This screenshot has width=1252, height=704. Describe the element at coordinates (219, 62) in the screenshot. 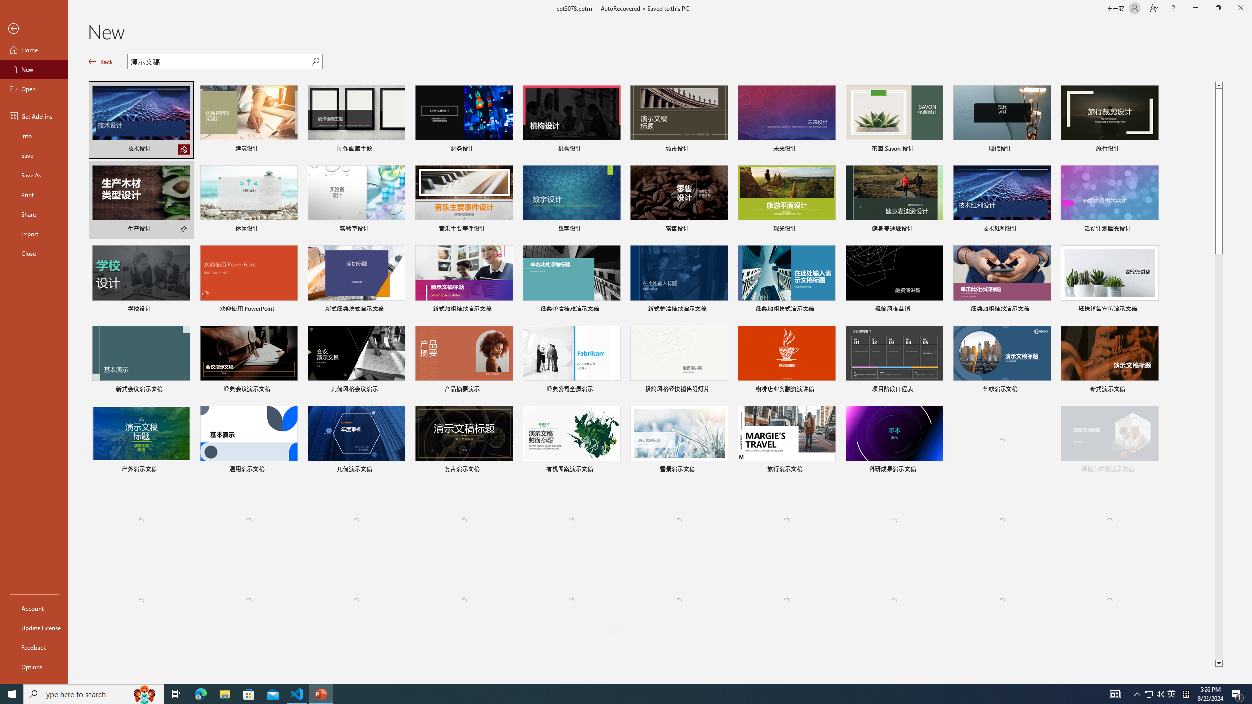

I see `'Search for online templates and themes'` at that location.